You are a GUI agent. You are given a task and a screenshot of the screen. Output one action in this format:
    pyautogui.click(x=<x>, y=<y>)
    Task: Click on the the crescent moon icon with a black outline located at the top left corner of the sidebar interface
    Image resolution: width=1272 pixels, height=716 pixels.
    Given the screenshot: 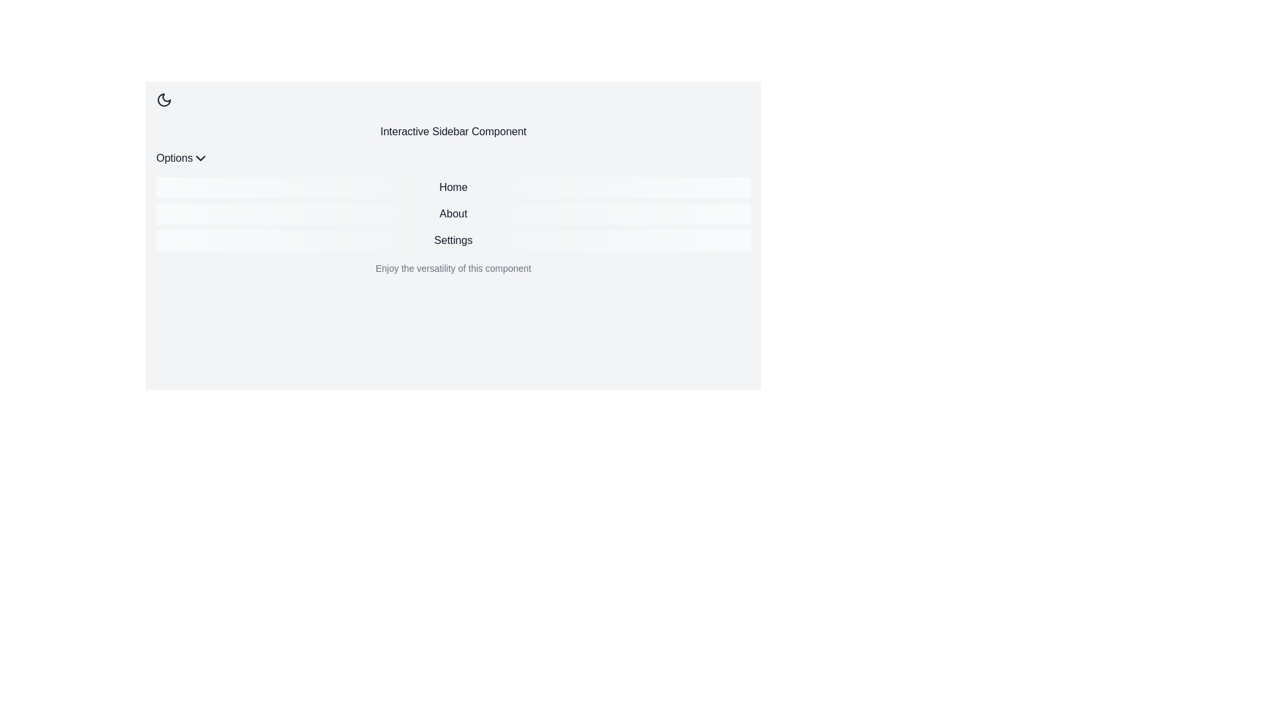 What is the action you would take?
    pyautogui.click(x=164, y=99)
    